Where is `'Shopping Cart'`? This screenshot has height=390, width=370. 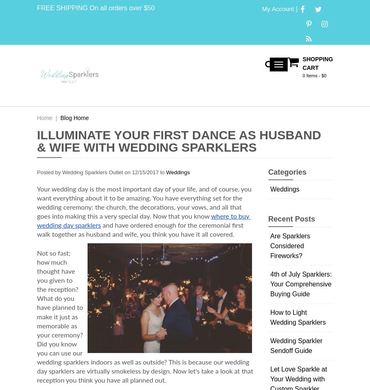
'Shopping Cart' is located at coordinates (317, 63).